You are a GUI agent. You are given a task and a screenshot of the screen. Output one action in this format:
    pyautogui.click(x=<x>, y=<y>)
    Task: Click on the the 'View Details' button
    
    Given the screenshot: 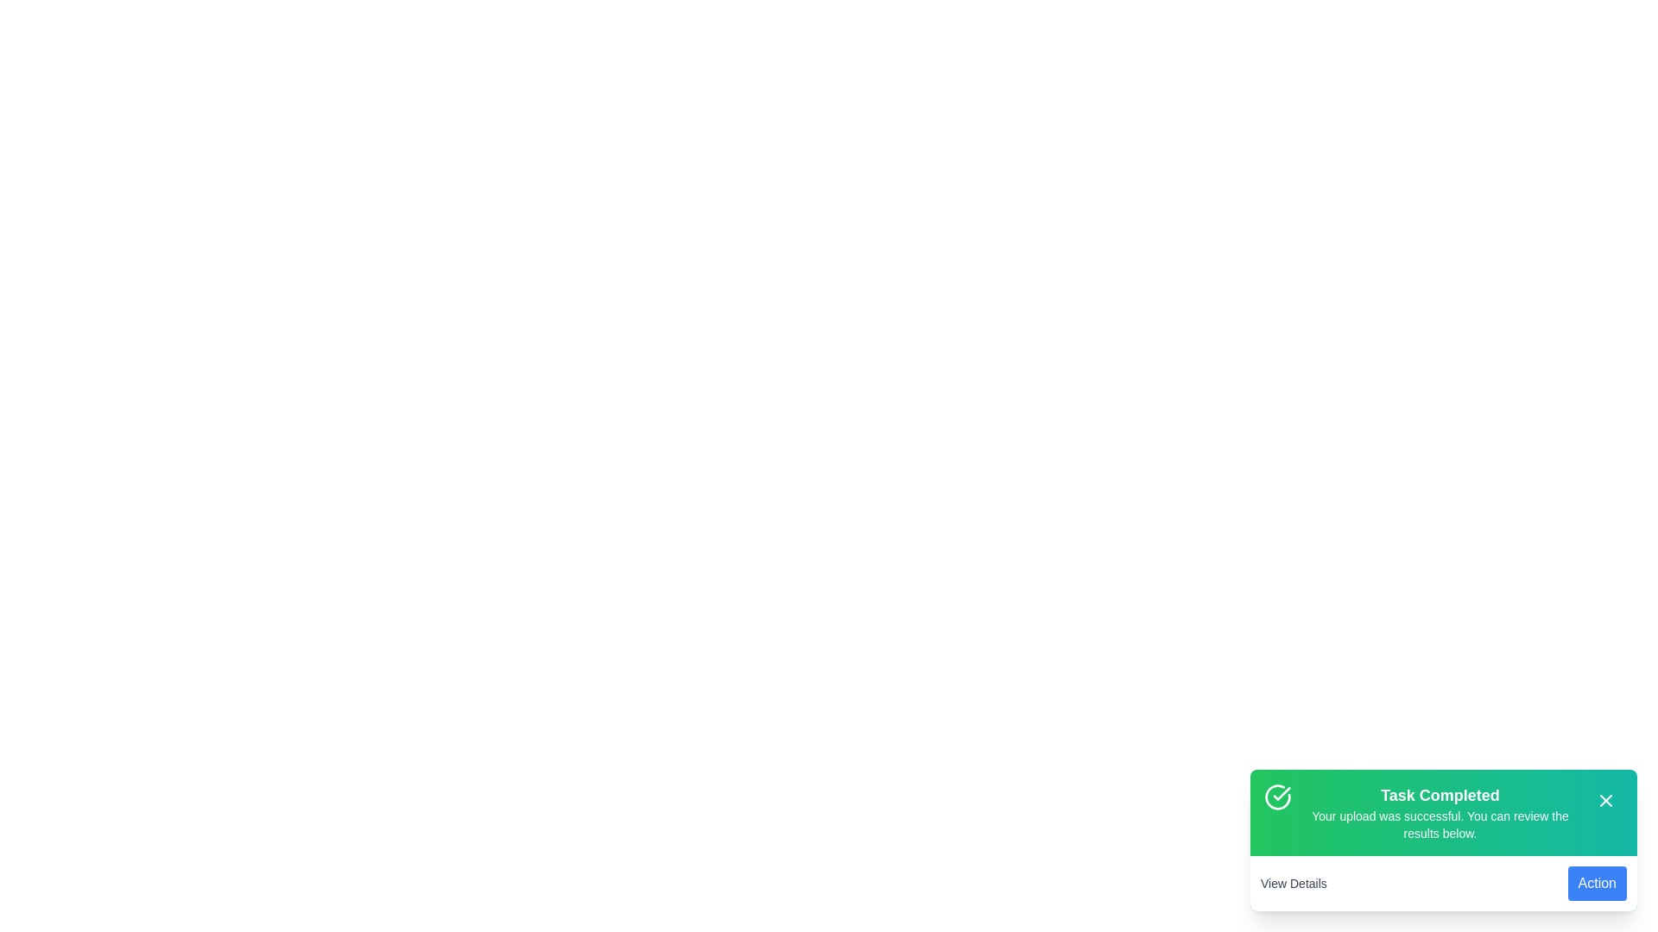 What is the action you would take?
    pyautogui.click(x=1293, y=883)
    